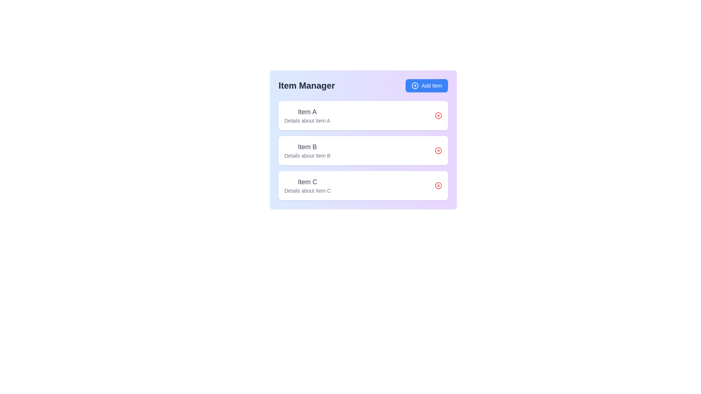  What do you see at coordinates (426, 85) in the screenshot?
I see `the 'Add Item' button to add a new item to the list` at bounding box center [426, 85].